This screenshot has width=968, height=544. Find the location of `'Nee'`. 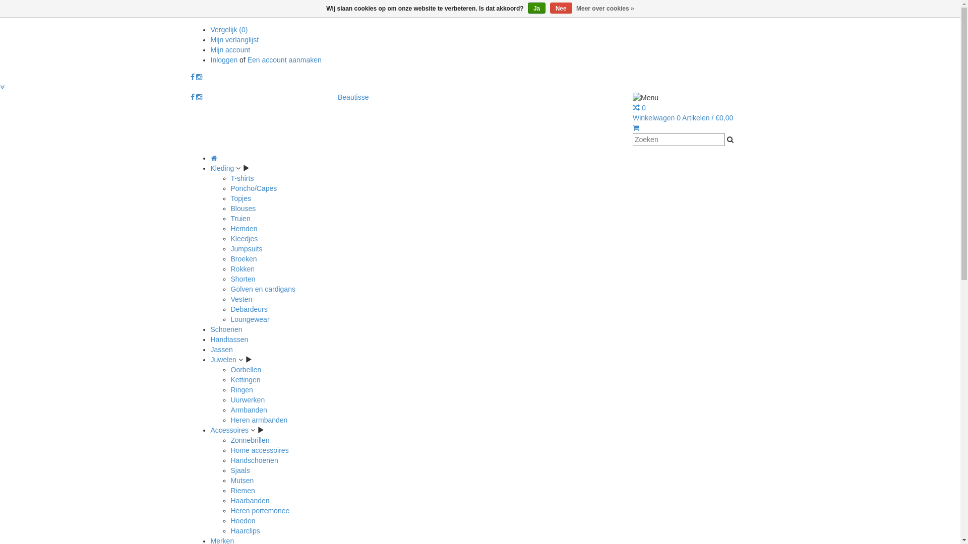

'Nee' is located at coordinates (561, 8).